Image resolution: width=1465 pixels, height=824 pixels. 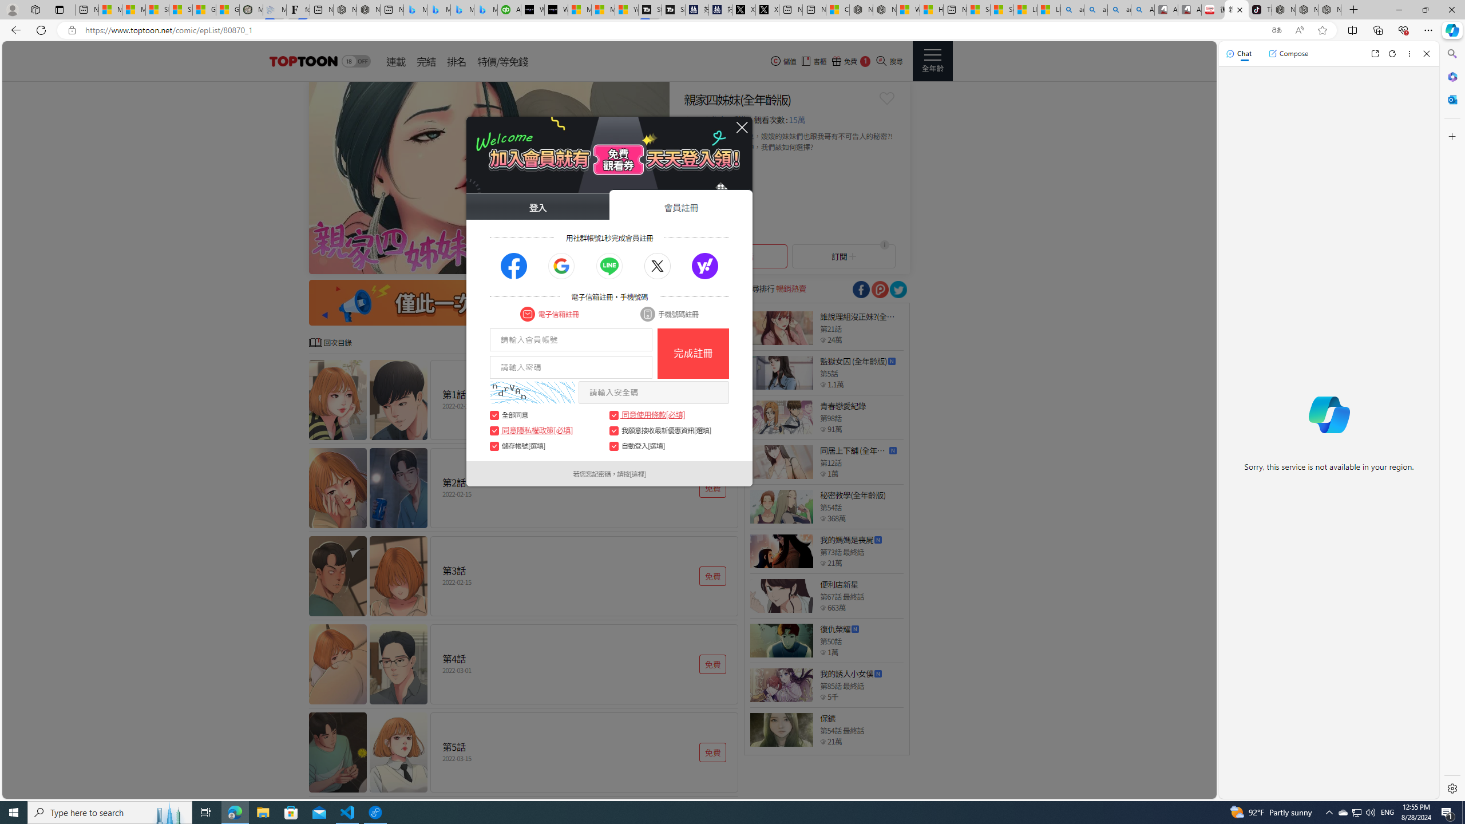 What do you see at coordinates (1142, 9) in the screenshot?
I see `'Amazon Echo Robot - Search Images'` at bounding box center [1142, 9].